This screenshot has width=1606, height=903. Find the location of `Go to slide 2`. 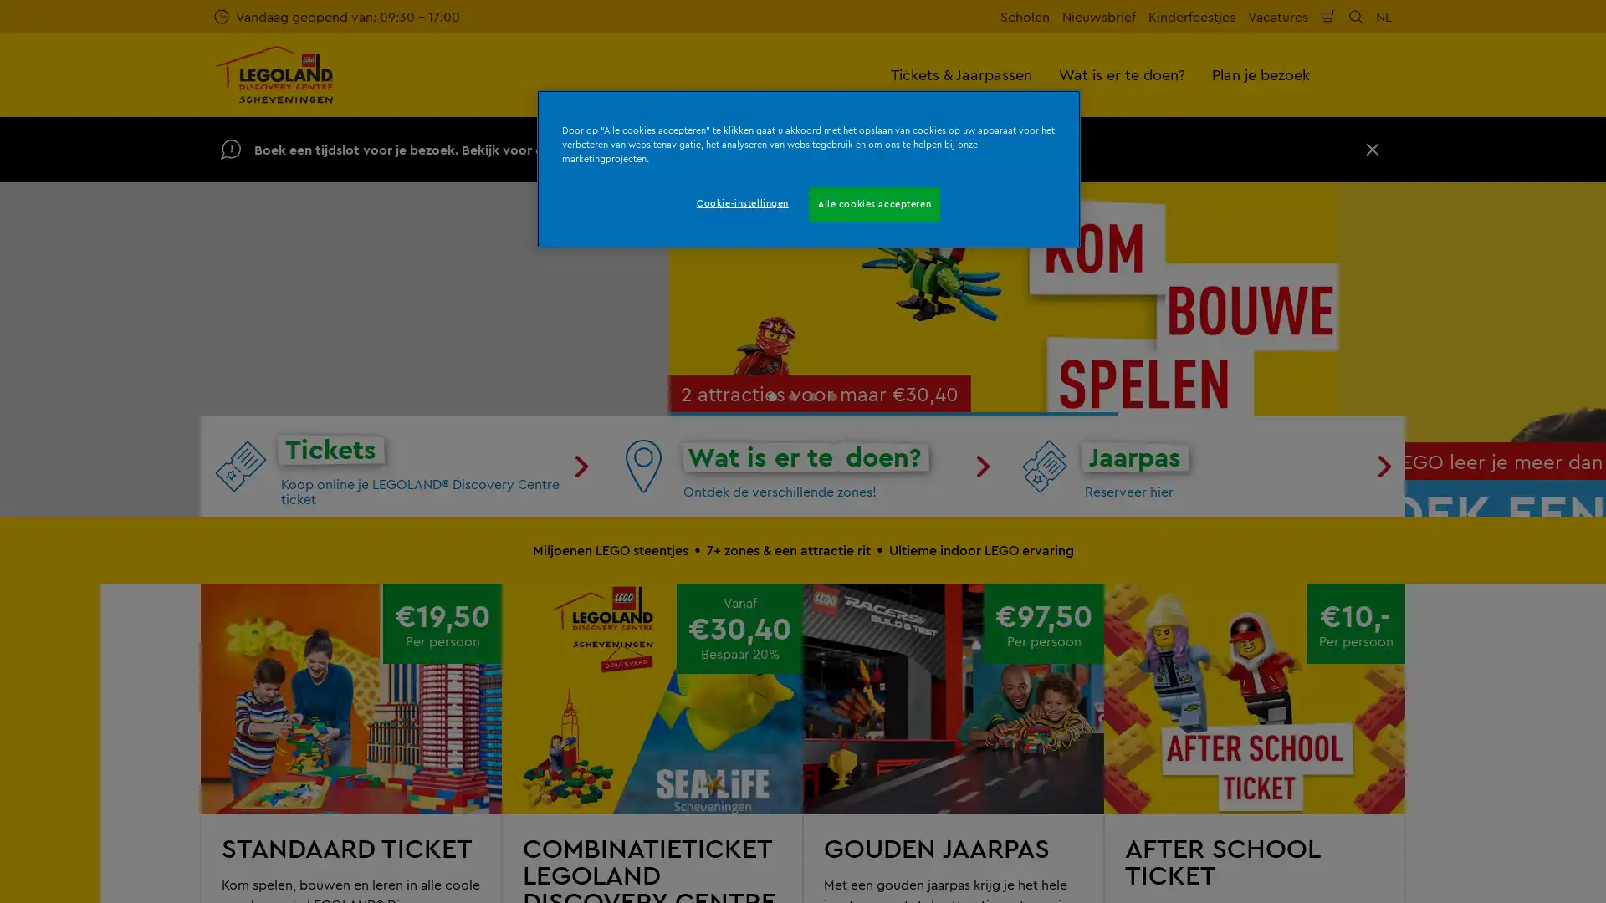

Go to slide 2 is located at coordinates (792, 712).